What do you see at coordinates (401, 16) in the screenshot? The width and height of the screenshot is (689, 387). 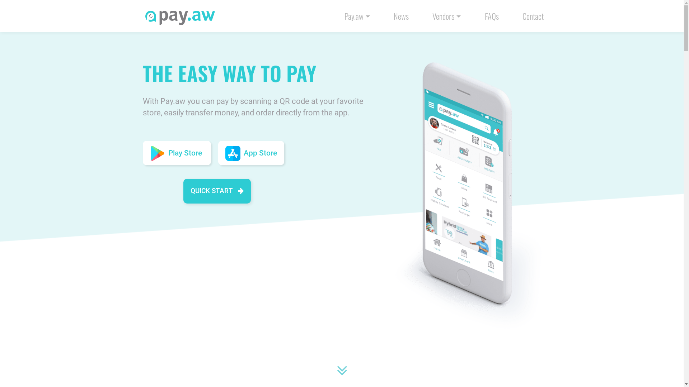 I see `'News'` at bounding box center [401, 16].